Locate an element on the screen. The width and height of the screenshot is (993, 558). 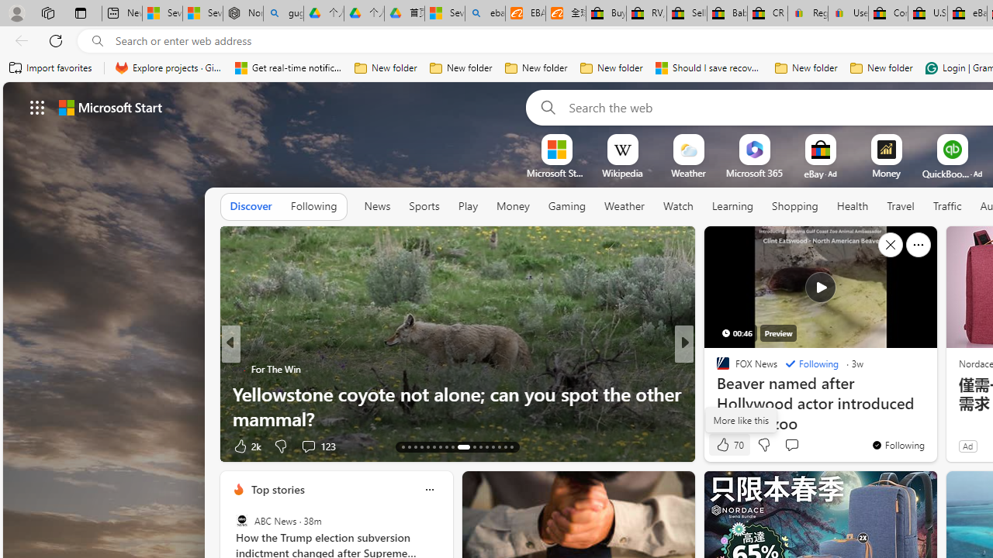
'U.S. State Privacy Disclosures - eBay Inc.' is located at coordinates (928, 13).